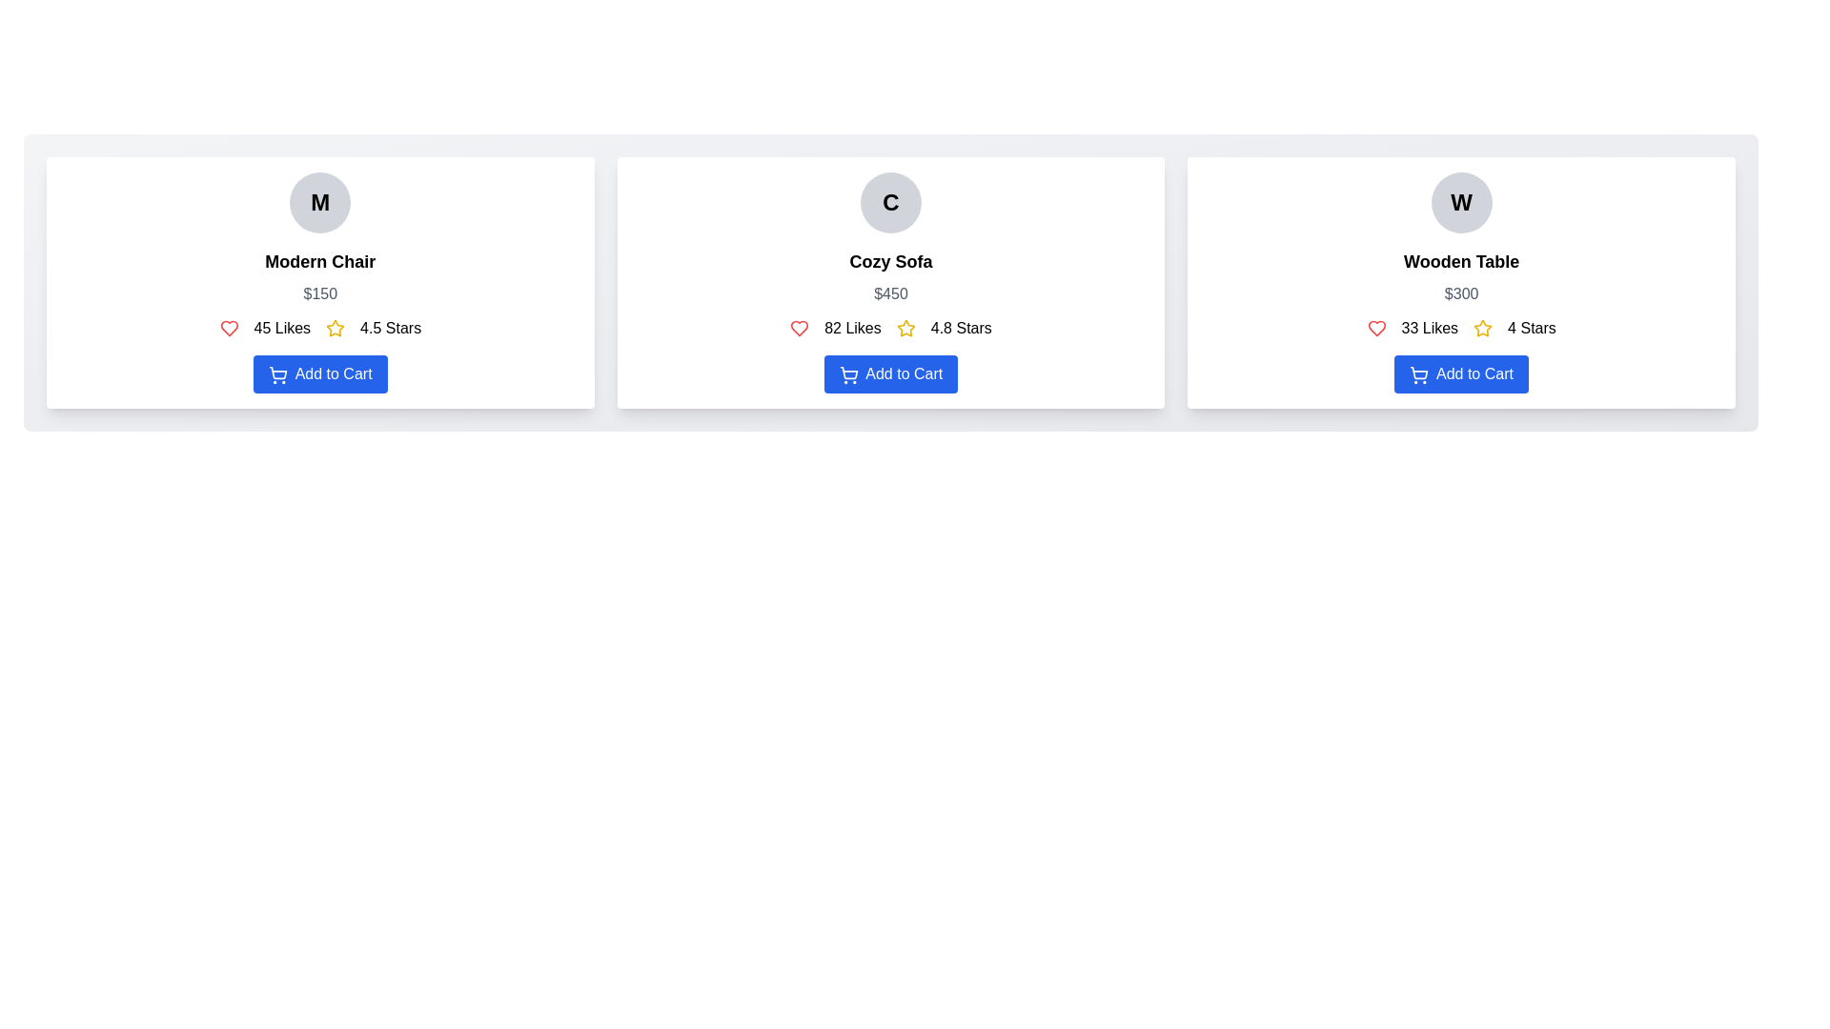 The image size is (1830, 1029). What do you see at coordinates (890, 202) in the screenshot?
I see `the circular badge icon with a gray background and a black letter 'C' located at the top center of the product card for 'Cozy Sofa'` at bounding box center [890, 202].